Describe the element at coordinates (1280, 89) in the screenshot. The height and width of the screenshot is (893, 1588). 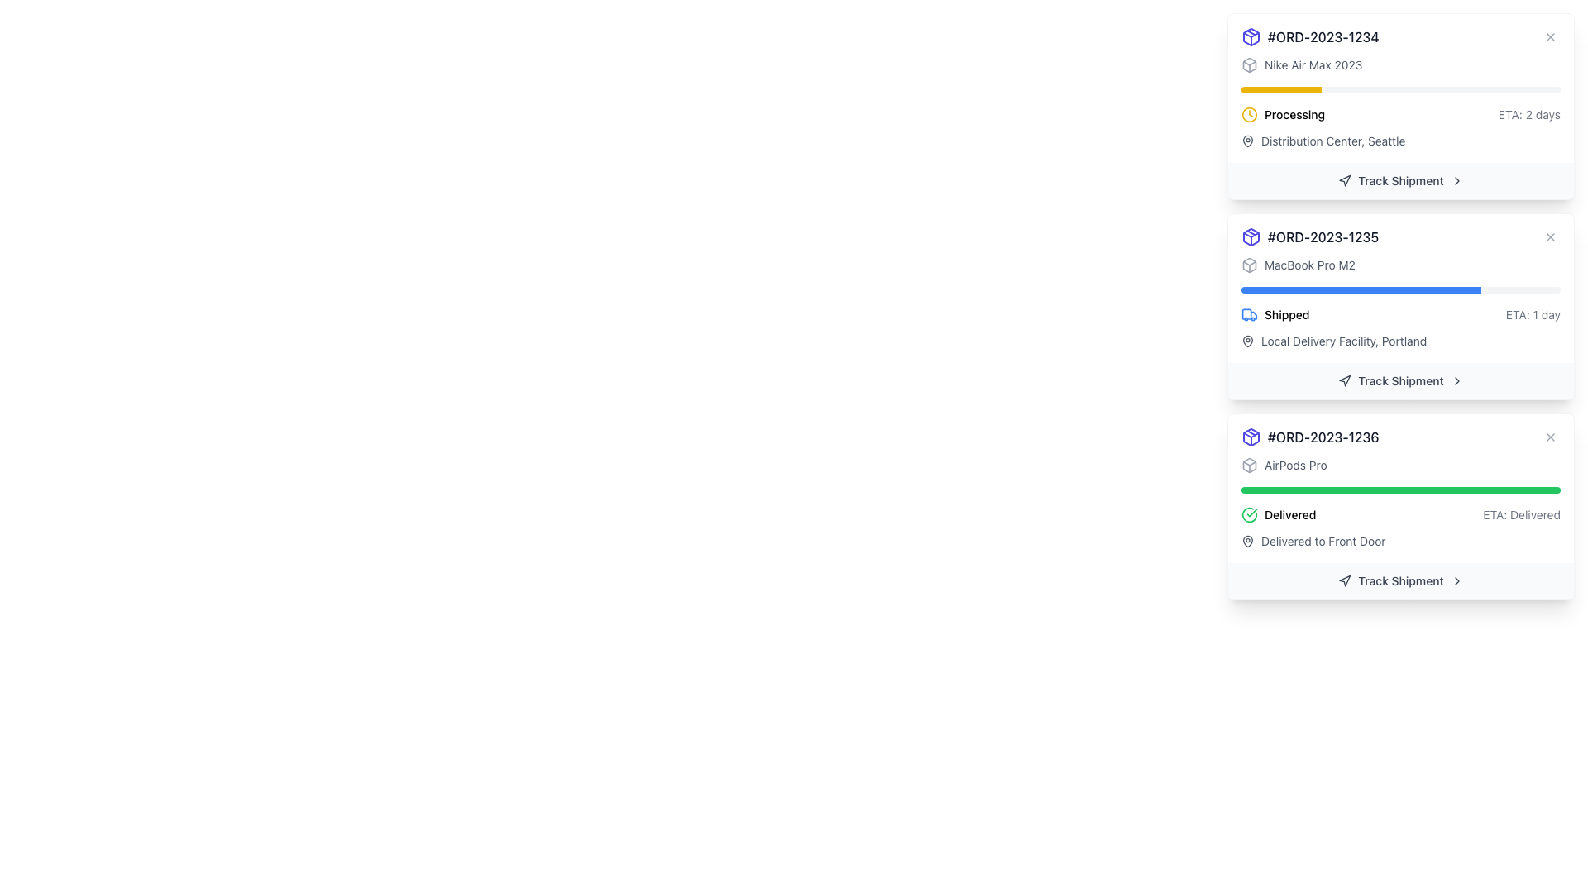
I see `the progress indicator of the progress bar that is filled with a bright yellow color, indicating one-fourth completion, located above the 'Processing' text in the order details card for '#ORD-2023-1234'` at that location.